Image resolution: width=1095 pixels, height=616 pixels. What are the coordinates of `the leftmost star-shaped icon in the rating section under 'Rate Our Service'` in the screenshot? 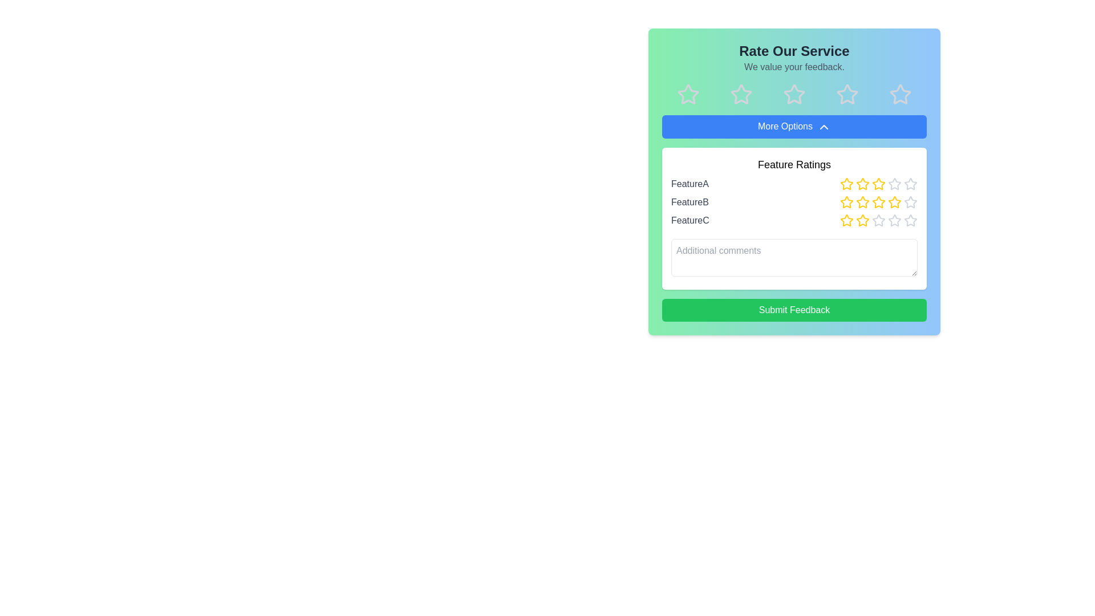 It's located at (688, 94).